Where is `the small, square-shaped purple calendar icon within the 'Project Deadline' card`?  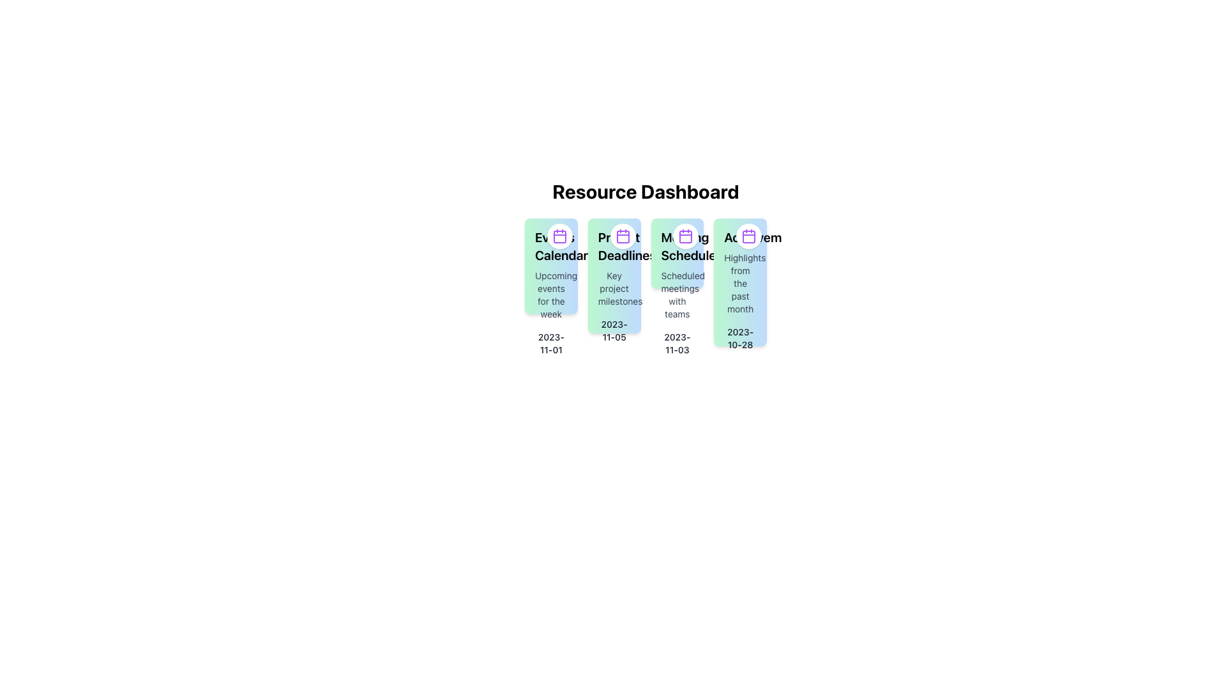 the small, square-shaped purple calendar icon within the 'Project Deadline' card is located at coordinates (623, 236).